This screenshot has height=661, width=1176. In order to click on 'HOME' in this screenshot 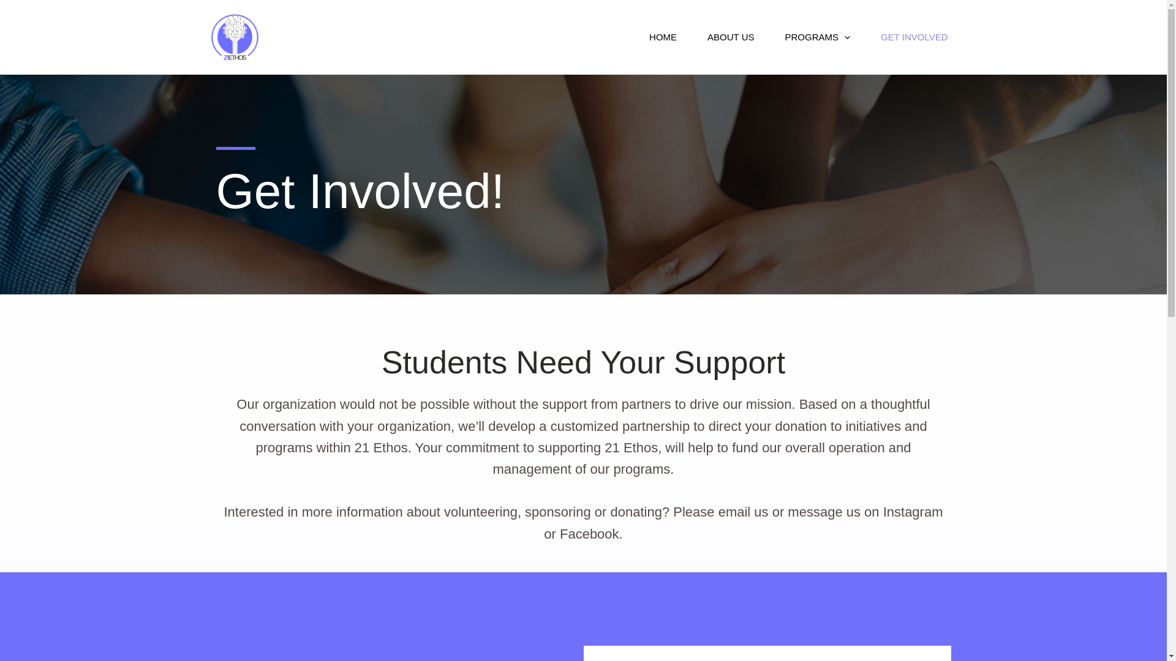, I will do `click(662, 37)`.